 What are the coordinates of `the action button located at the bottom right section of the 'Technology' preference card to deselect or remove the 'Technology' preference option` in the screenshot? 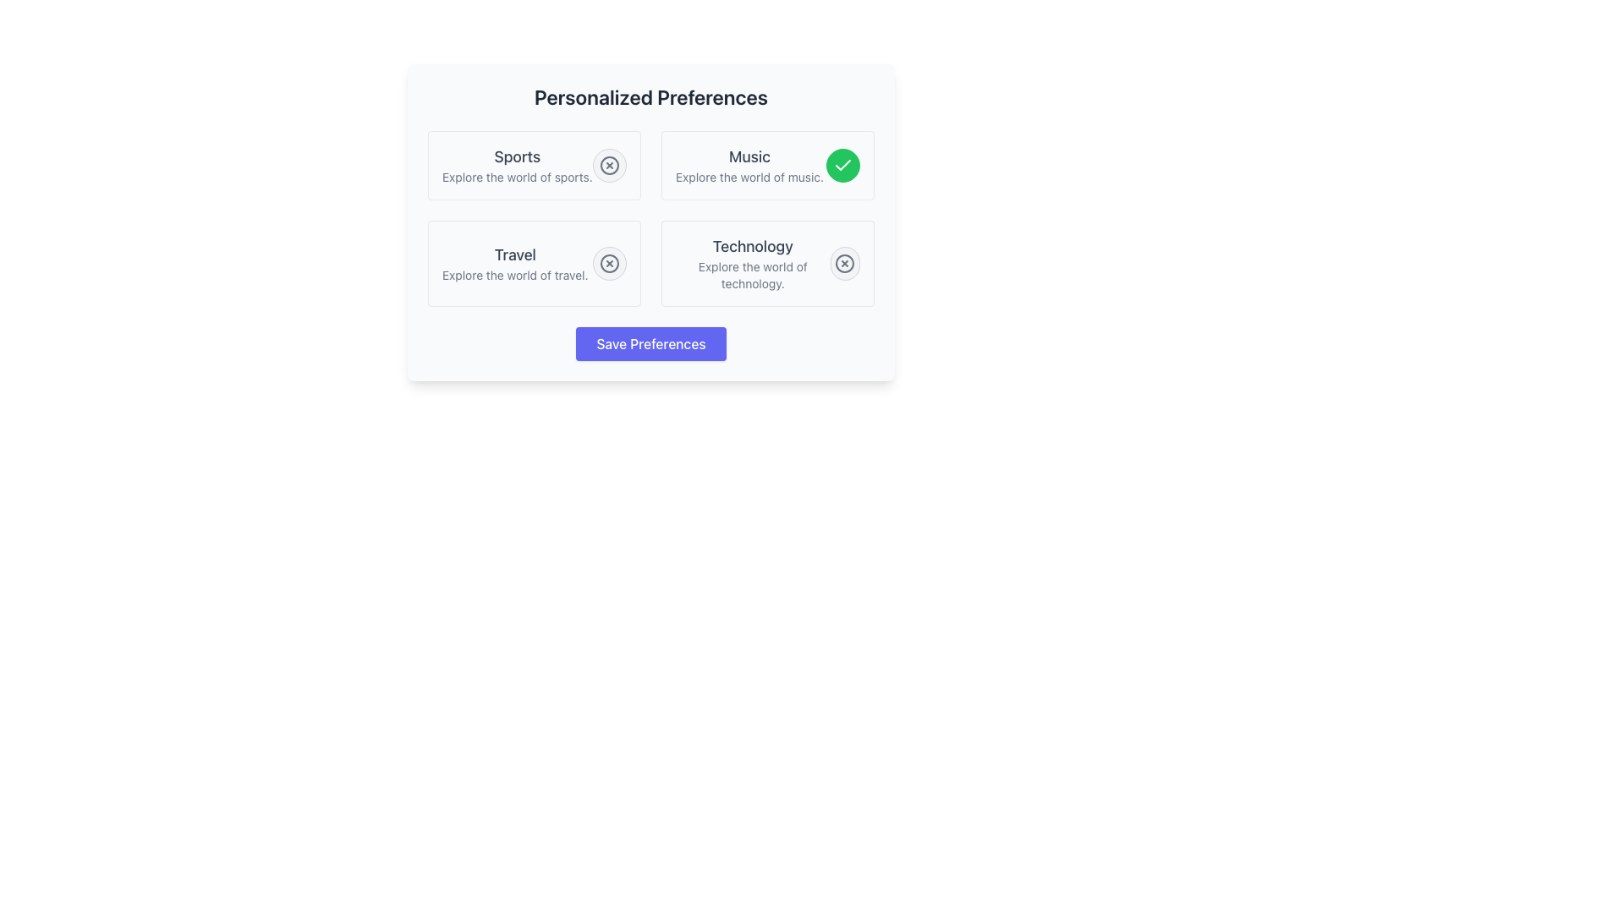 It's located at (845, 264).